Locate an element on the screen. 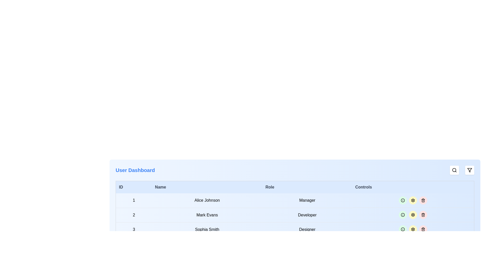 This screenshot has width=488, height=274. the filter button, which has a white background and a funnel icon, located in the top-right corner of the user dashboard is located at coordinates (469, 170).